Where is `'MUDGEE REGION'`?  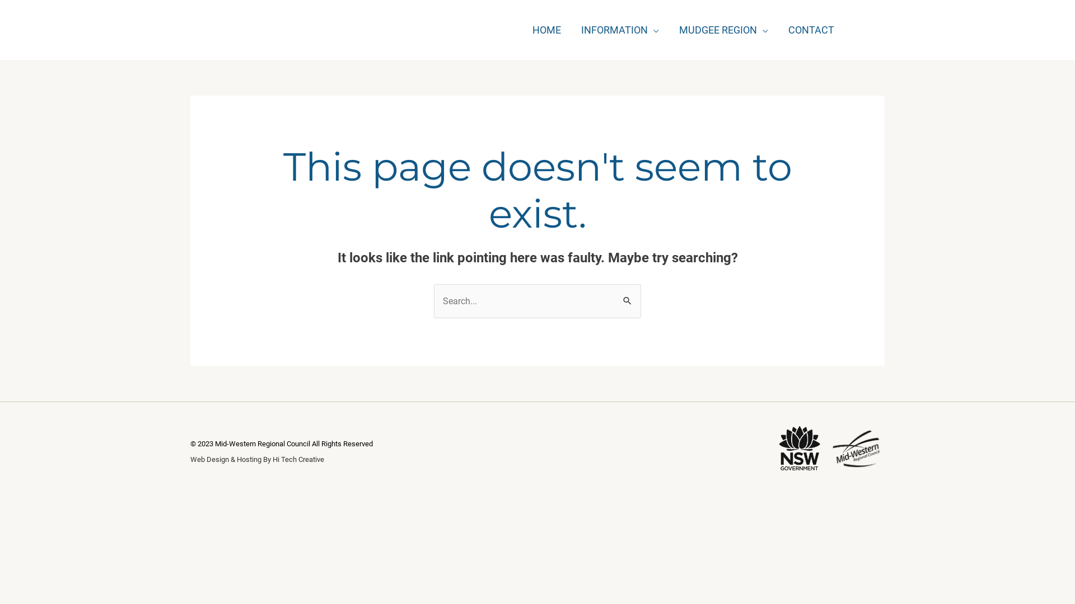 'MUDGEE REGION' is located at coordinates (669, 29).